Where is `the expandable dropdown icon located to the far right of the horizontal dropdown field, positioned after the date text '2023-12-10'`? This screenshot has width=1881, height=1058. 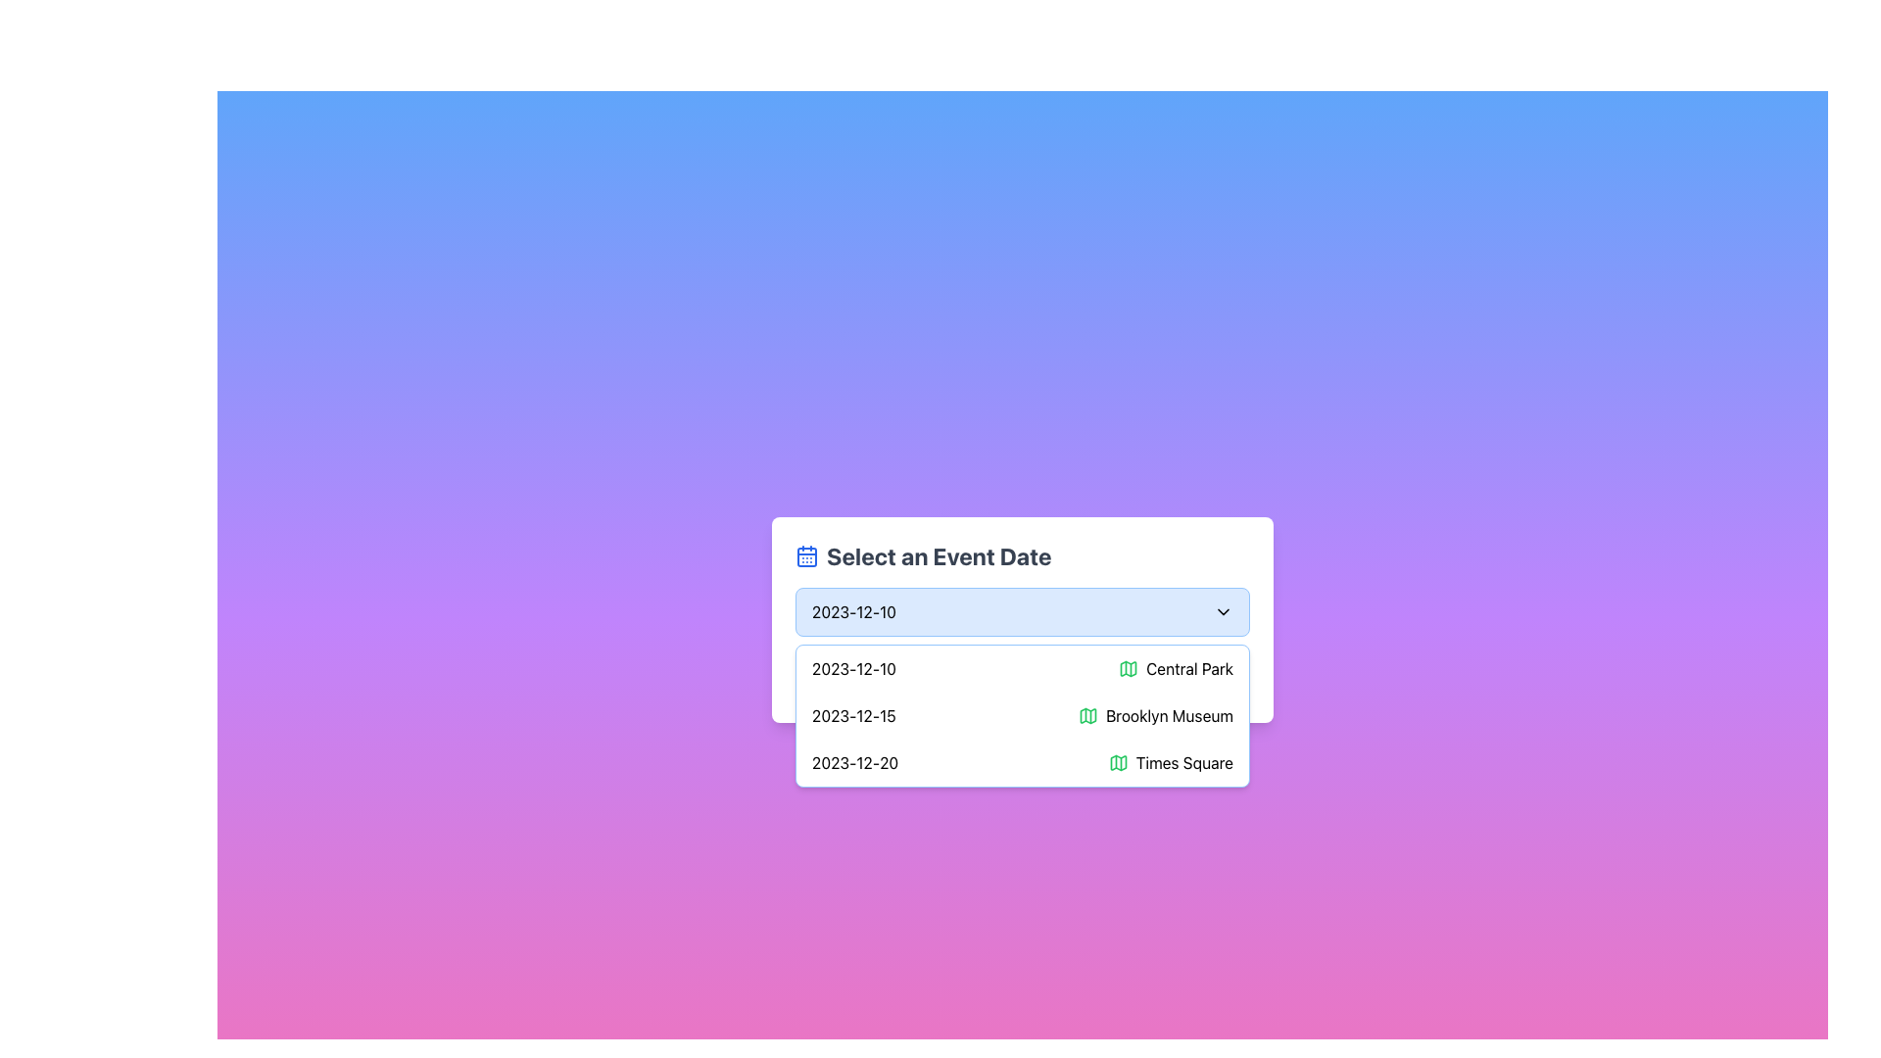
the expandable dropdown icon located to the far right of the horizontal dropdown field, positioned after the date text '2023-12-10' is located at coordinates (1222, 610).